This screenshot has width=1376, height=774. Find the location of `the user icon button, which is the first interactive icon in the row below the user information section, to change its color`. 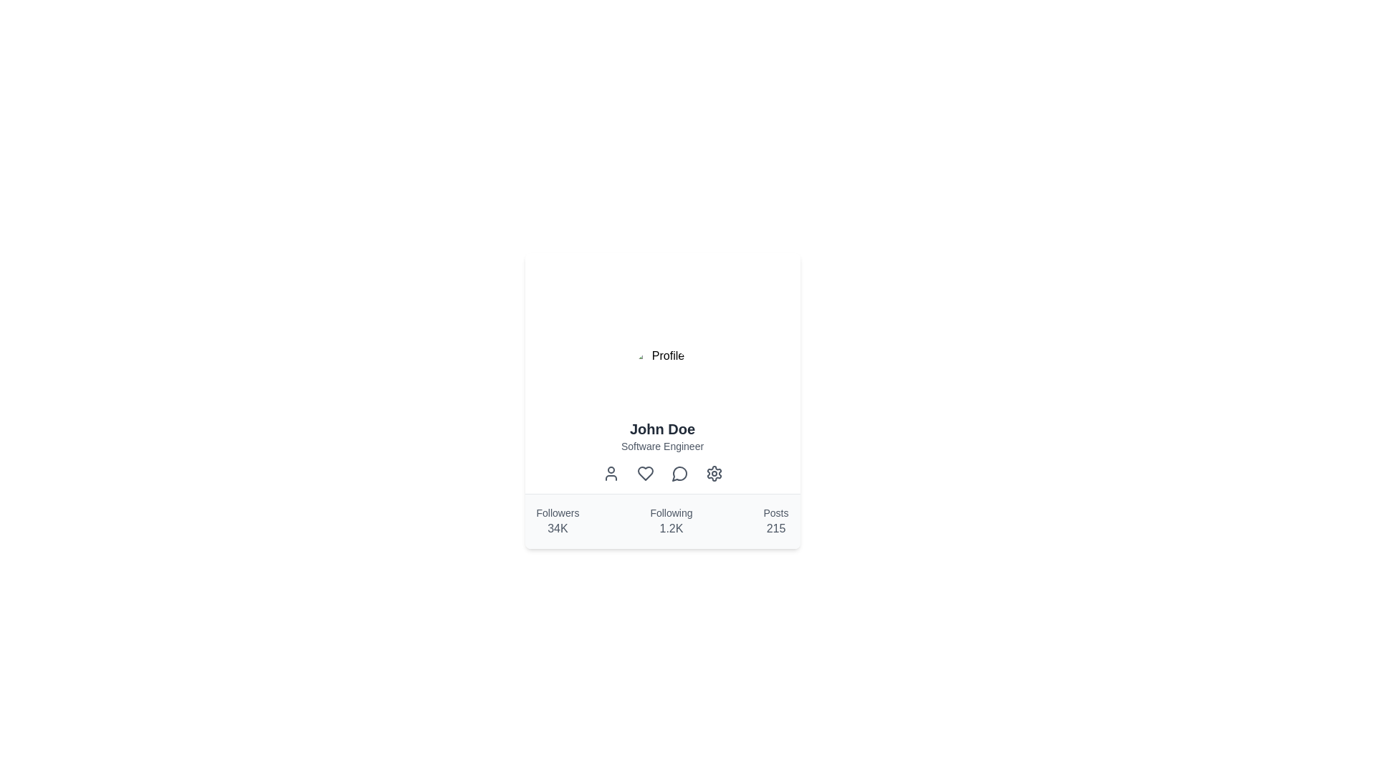

the user icon button, which is the first interactive icon in the row below the user information section, to change its color is located at coordinates (611, 473).